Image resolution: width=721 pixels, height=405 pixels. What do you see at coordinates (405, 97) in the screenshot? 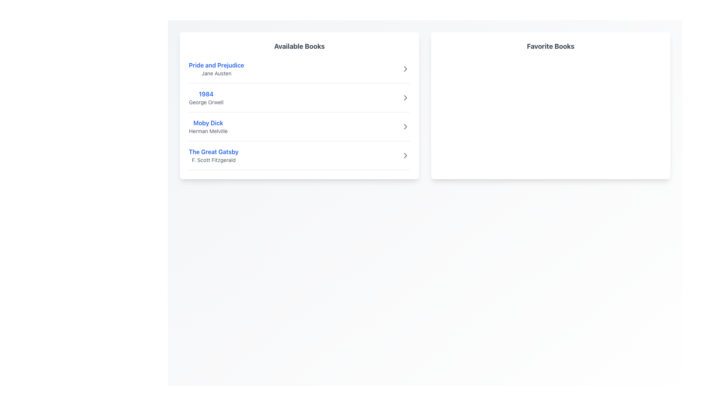
I see `the second chevron icon in the 'Available Books' panel next to the text '1984'` at bounding box center [405, 97].